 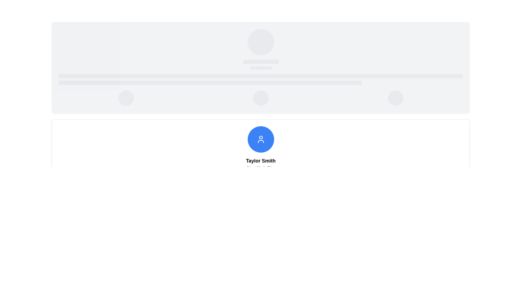 What do you see at coordinates (260, 167) in the screenshot?
I see `the text label reading 'New York City', which is styled in light gray and located beneath 'Taylor Smith' on the main user panel` at bounding box center [260, 167].